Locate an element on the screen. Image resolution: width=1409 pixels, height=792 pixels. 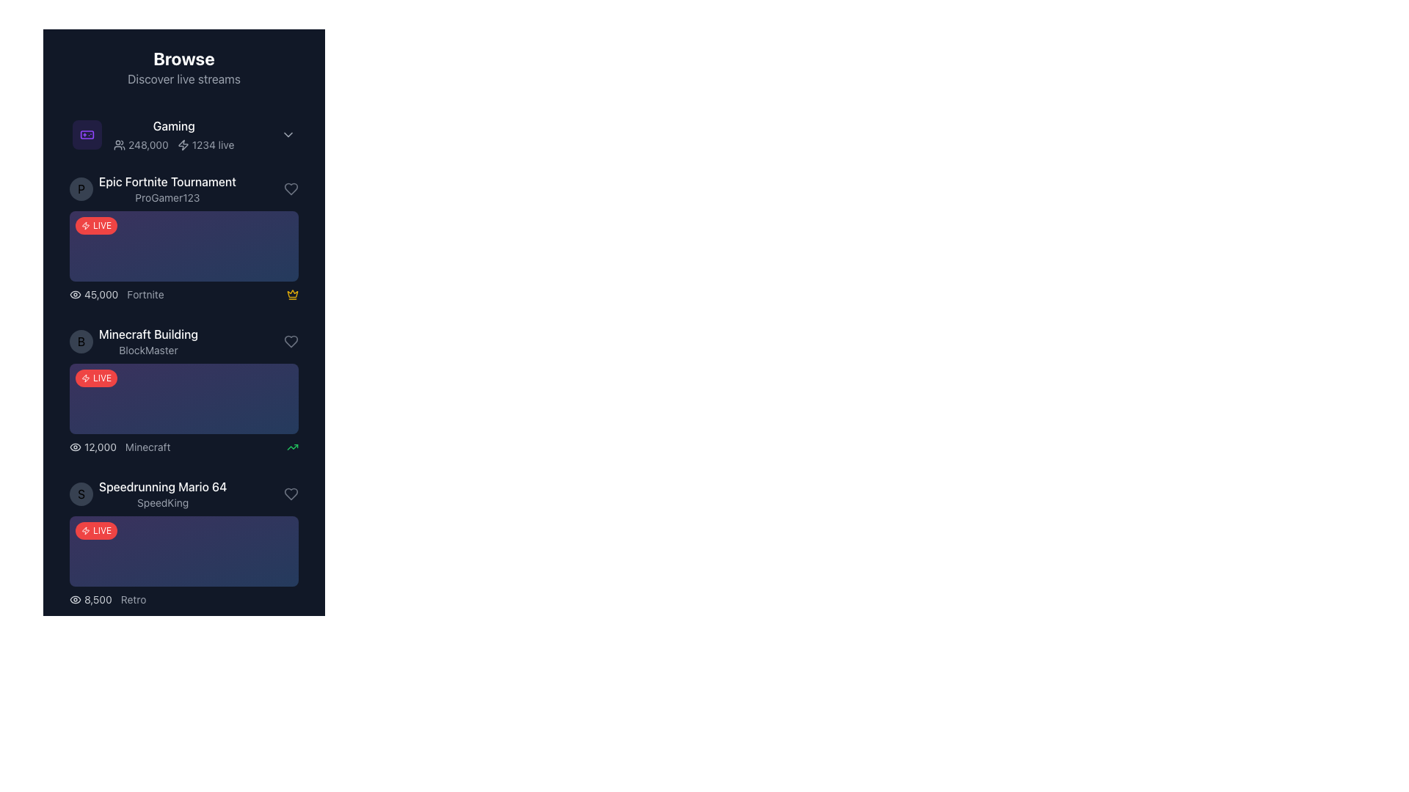
the list item displaying 'Gaming' with the game controller icon is located at coordinates (176, 135).